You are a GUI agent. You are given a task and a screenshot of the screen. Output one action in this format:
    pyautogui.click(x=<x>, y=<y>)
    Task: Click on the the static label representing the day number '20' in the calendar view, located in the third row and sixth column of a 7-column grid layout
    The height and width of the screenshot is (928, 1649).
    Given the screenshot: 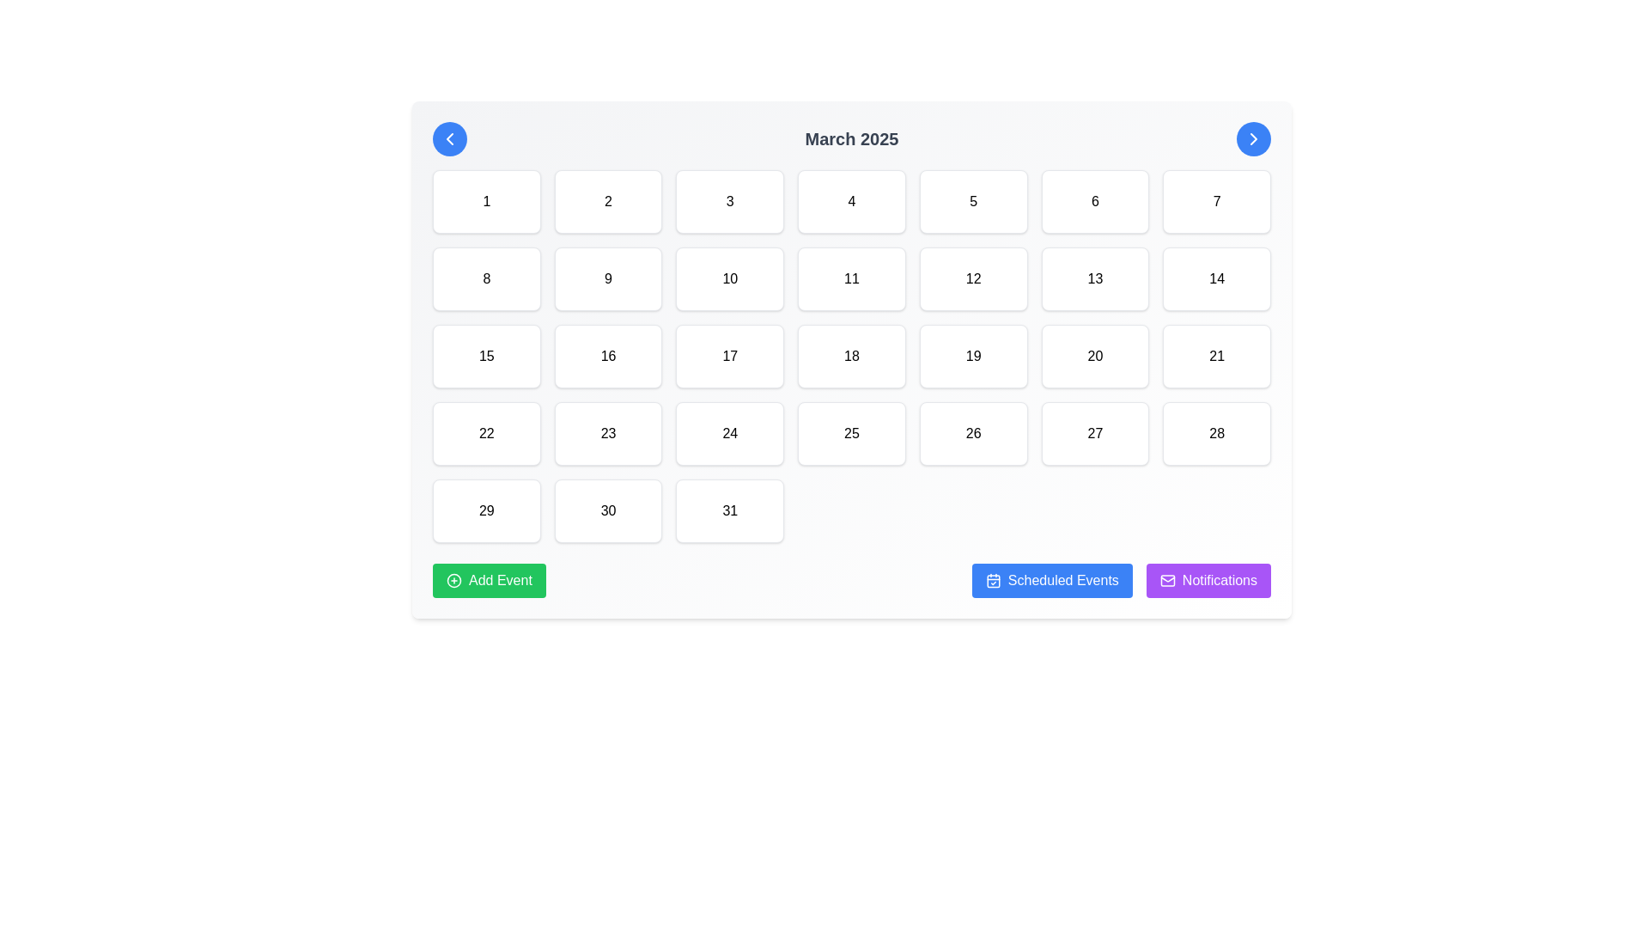 What is the action you would take?
    pyautogui.click(x=1094, y=356)
    